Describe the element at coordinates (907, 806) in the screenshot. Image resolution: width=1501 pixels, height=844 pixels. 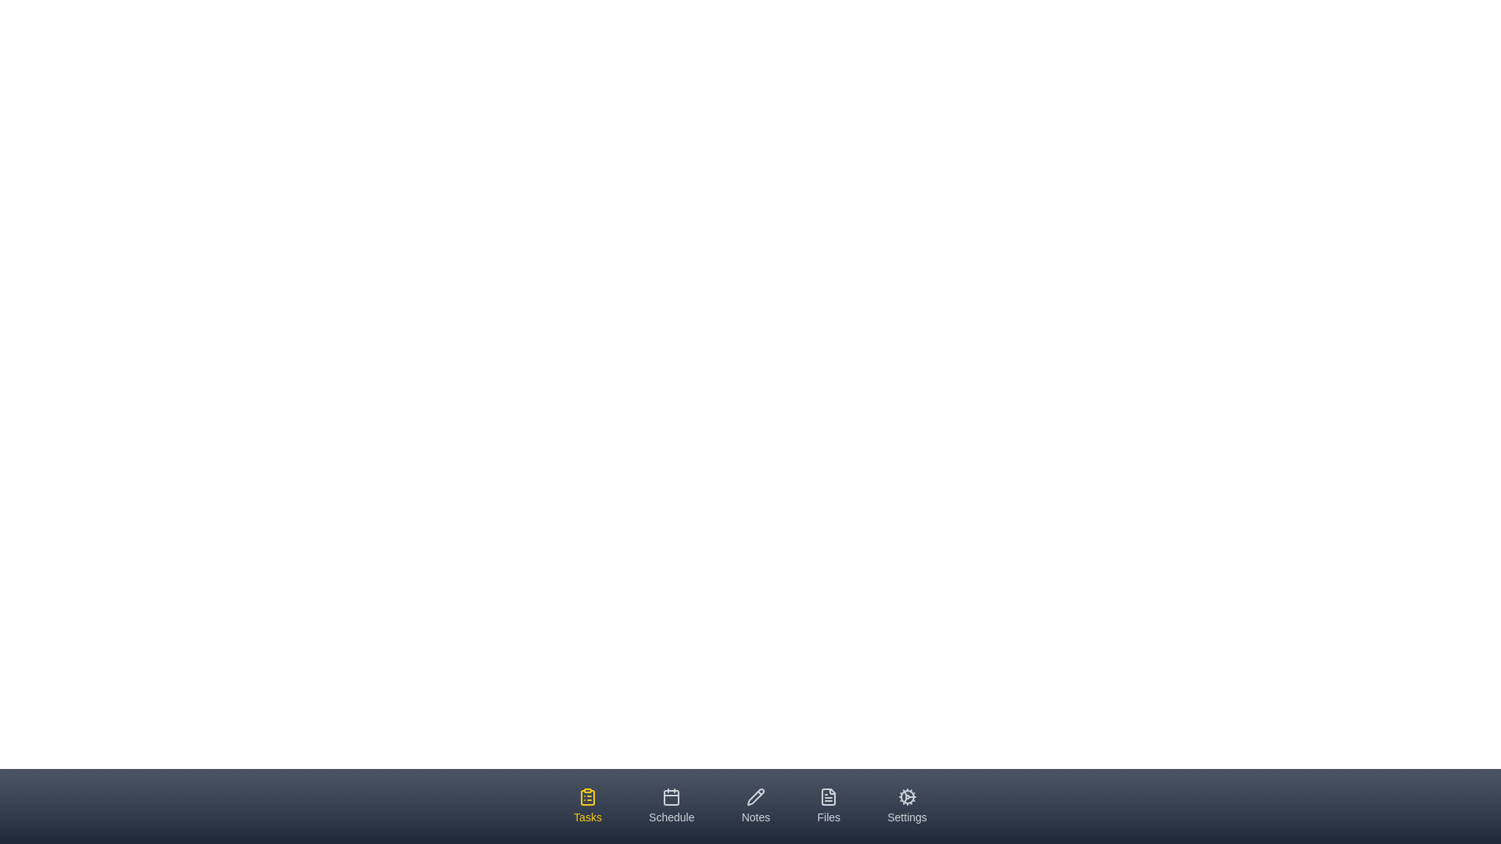
I see `the tab labeled Settings by clicking on it` at that location.